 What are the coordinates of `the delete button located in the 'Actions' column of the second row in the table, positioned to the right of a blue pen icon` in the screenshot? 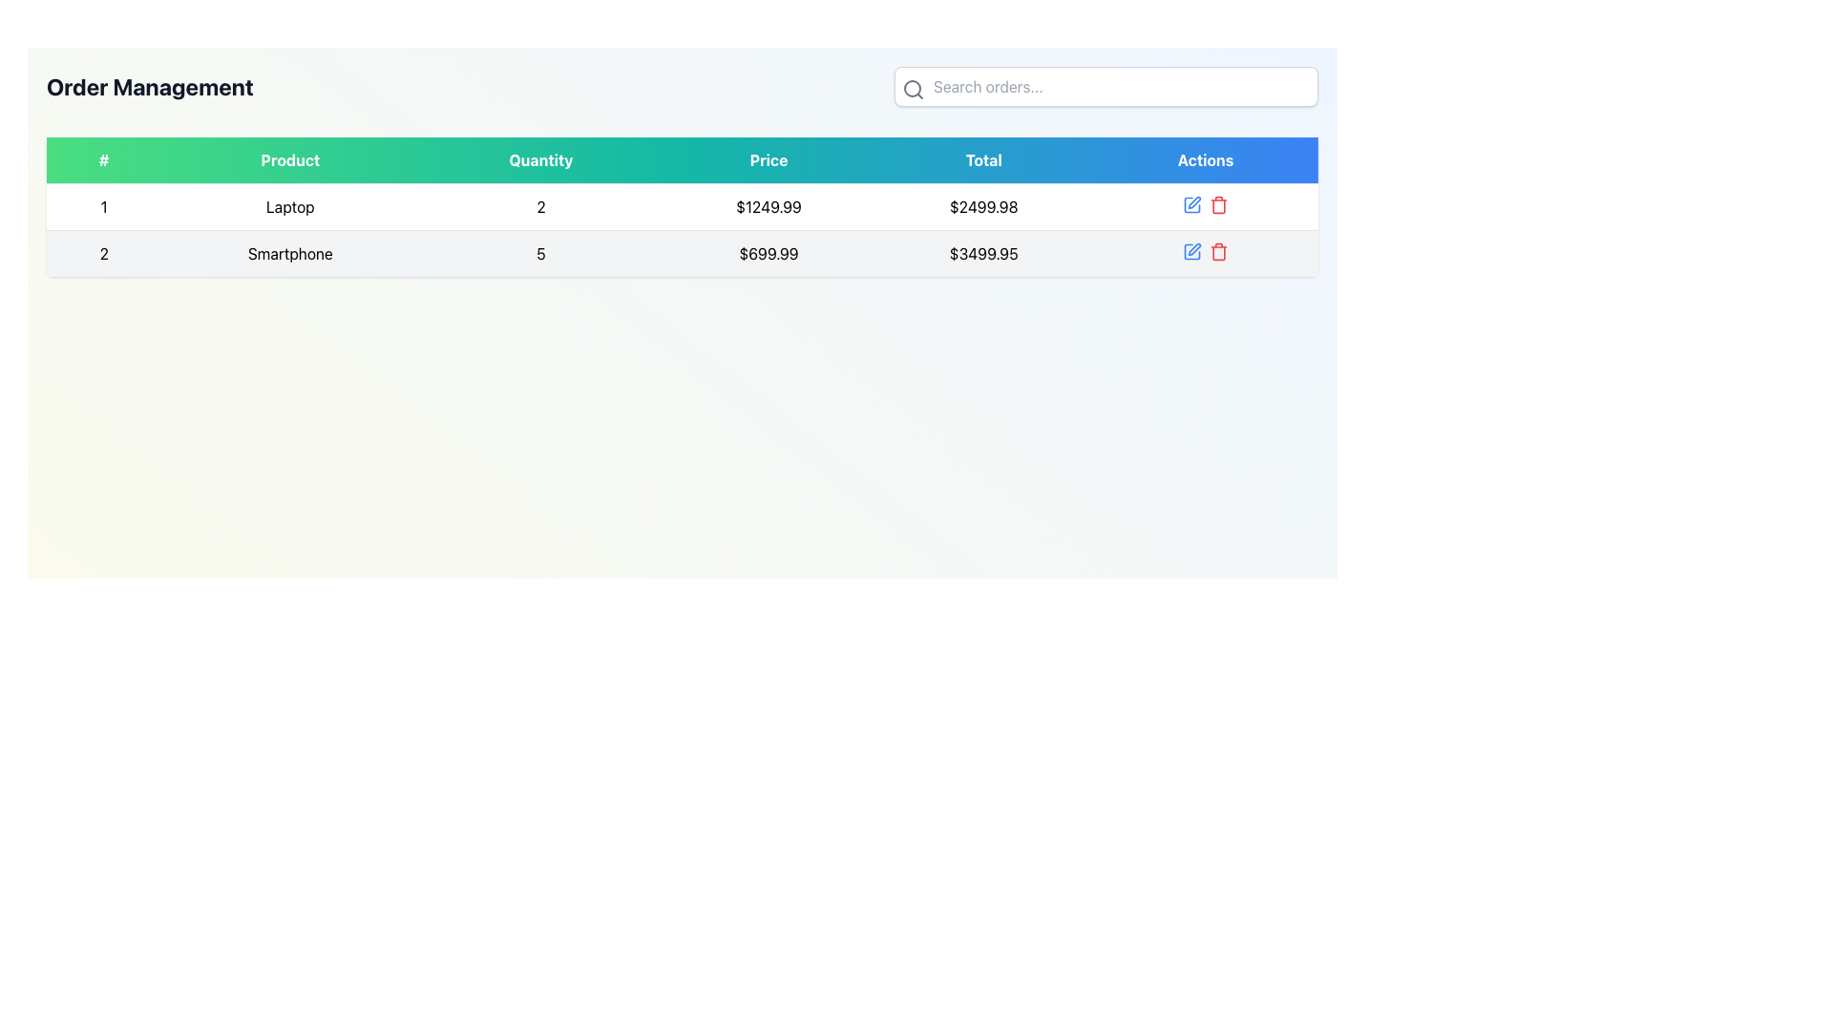 It's located at (1217, 205).